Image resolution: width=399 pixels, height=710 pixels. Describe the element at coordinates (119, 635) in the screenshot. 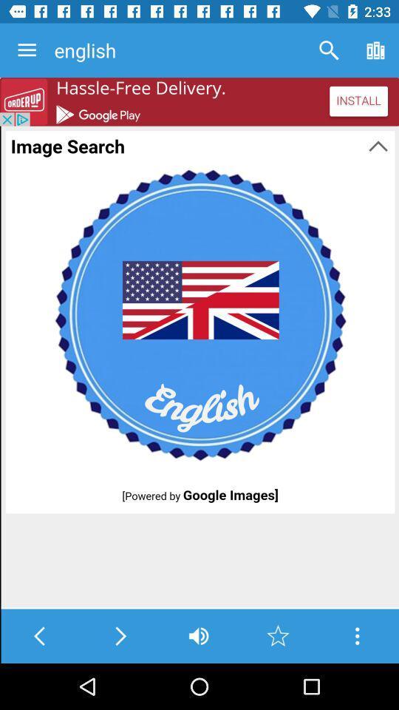

I see `the arrow_forward icon` at that location.